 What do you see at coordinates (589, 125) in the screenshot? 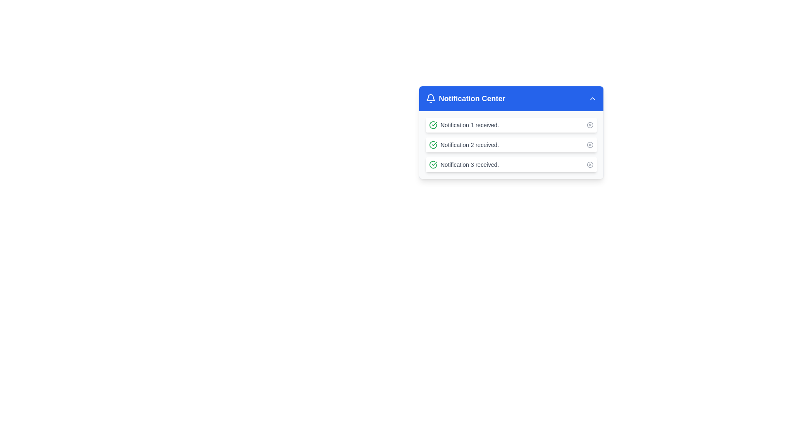
I see `the circular boundary of the close or remove icon located at the far right of 'Notification 1 received' in the notification center` at bounding box center [589, 125].